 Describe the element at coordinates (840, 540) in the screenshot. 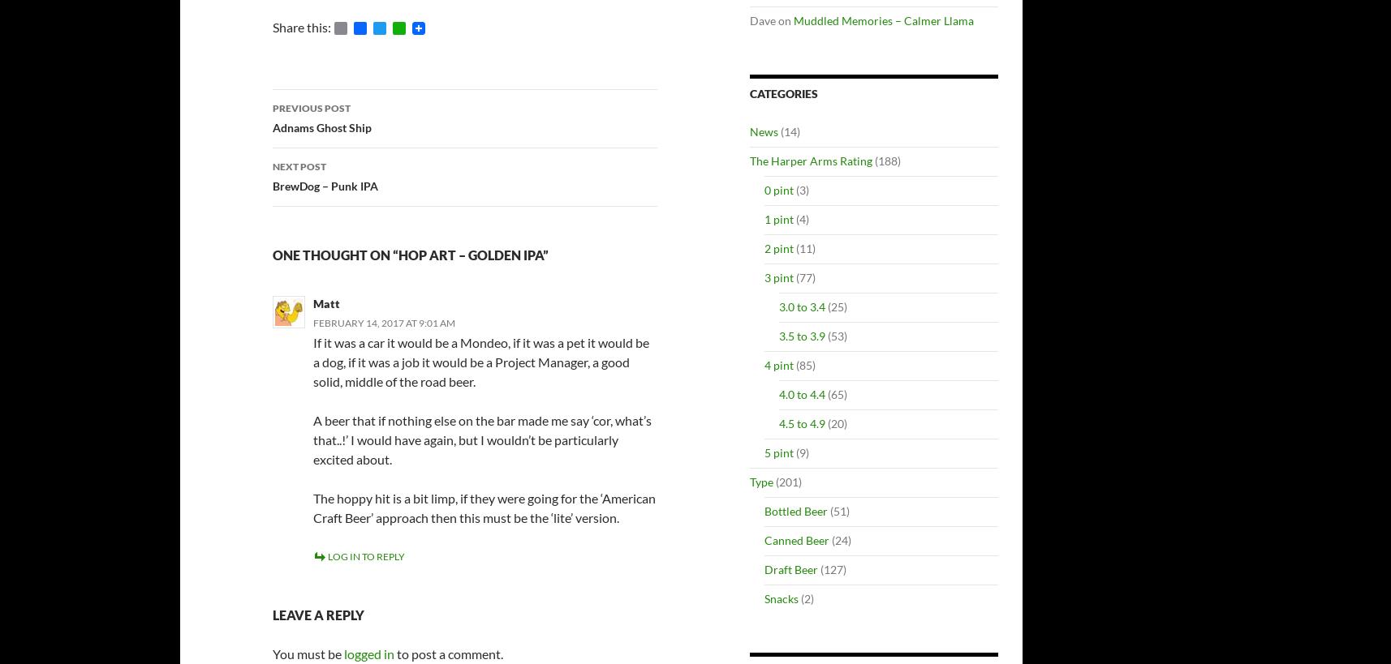

I see `'(24)'` at that location.